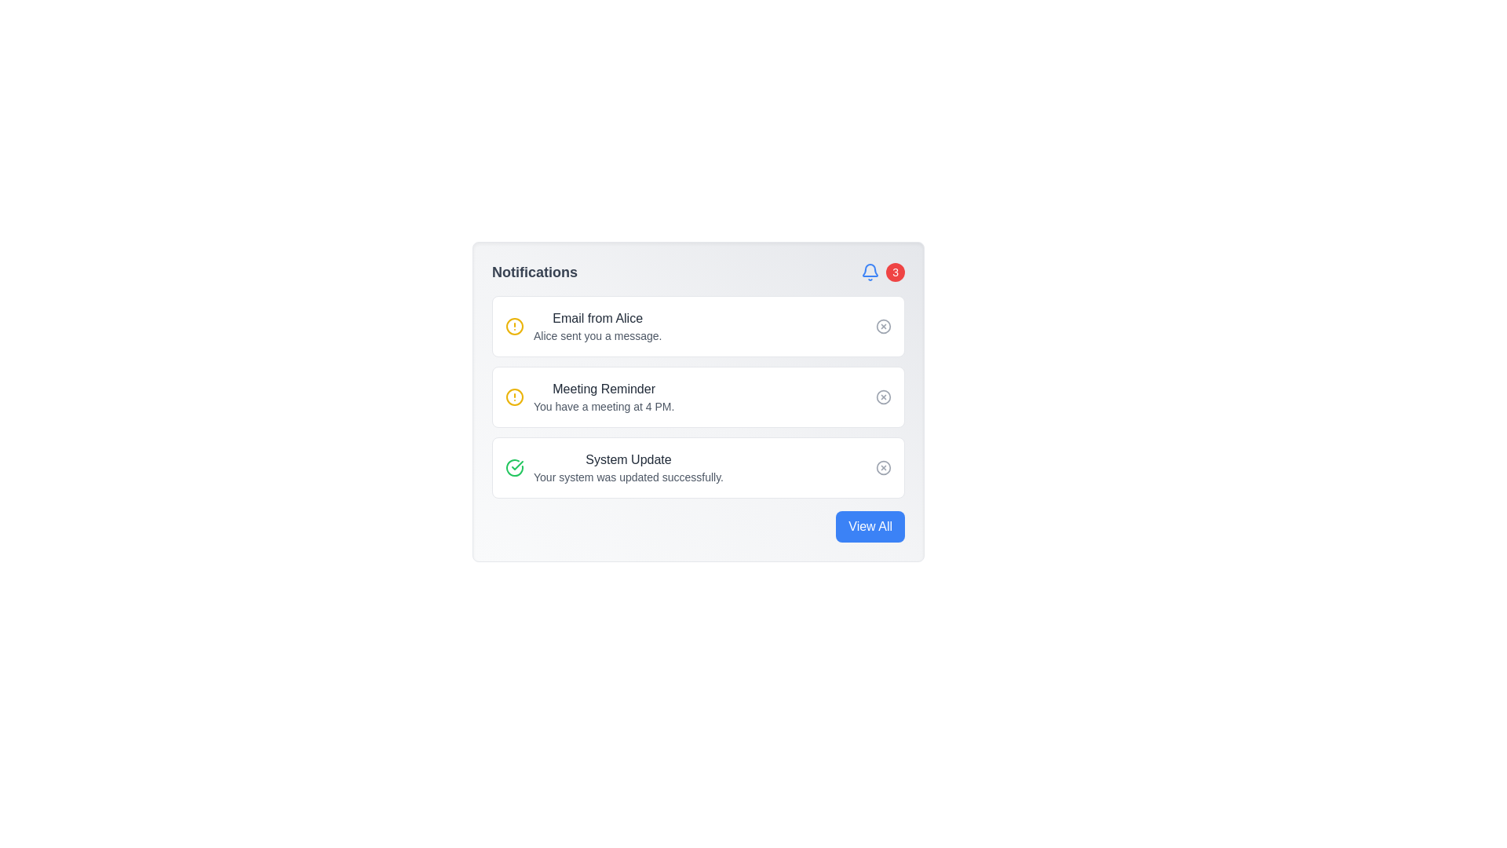  What do you see at coordinates (884, 326) in the screenshot?
I see `the circular close button icon located next to the 'Email from Alice' notification in the notification card` at bounding box center [884, 326].